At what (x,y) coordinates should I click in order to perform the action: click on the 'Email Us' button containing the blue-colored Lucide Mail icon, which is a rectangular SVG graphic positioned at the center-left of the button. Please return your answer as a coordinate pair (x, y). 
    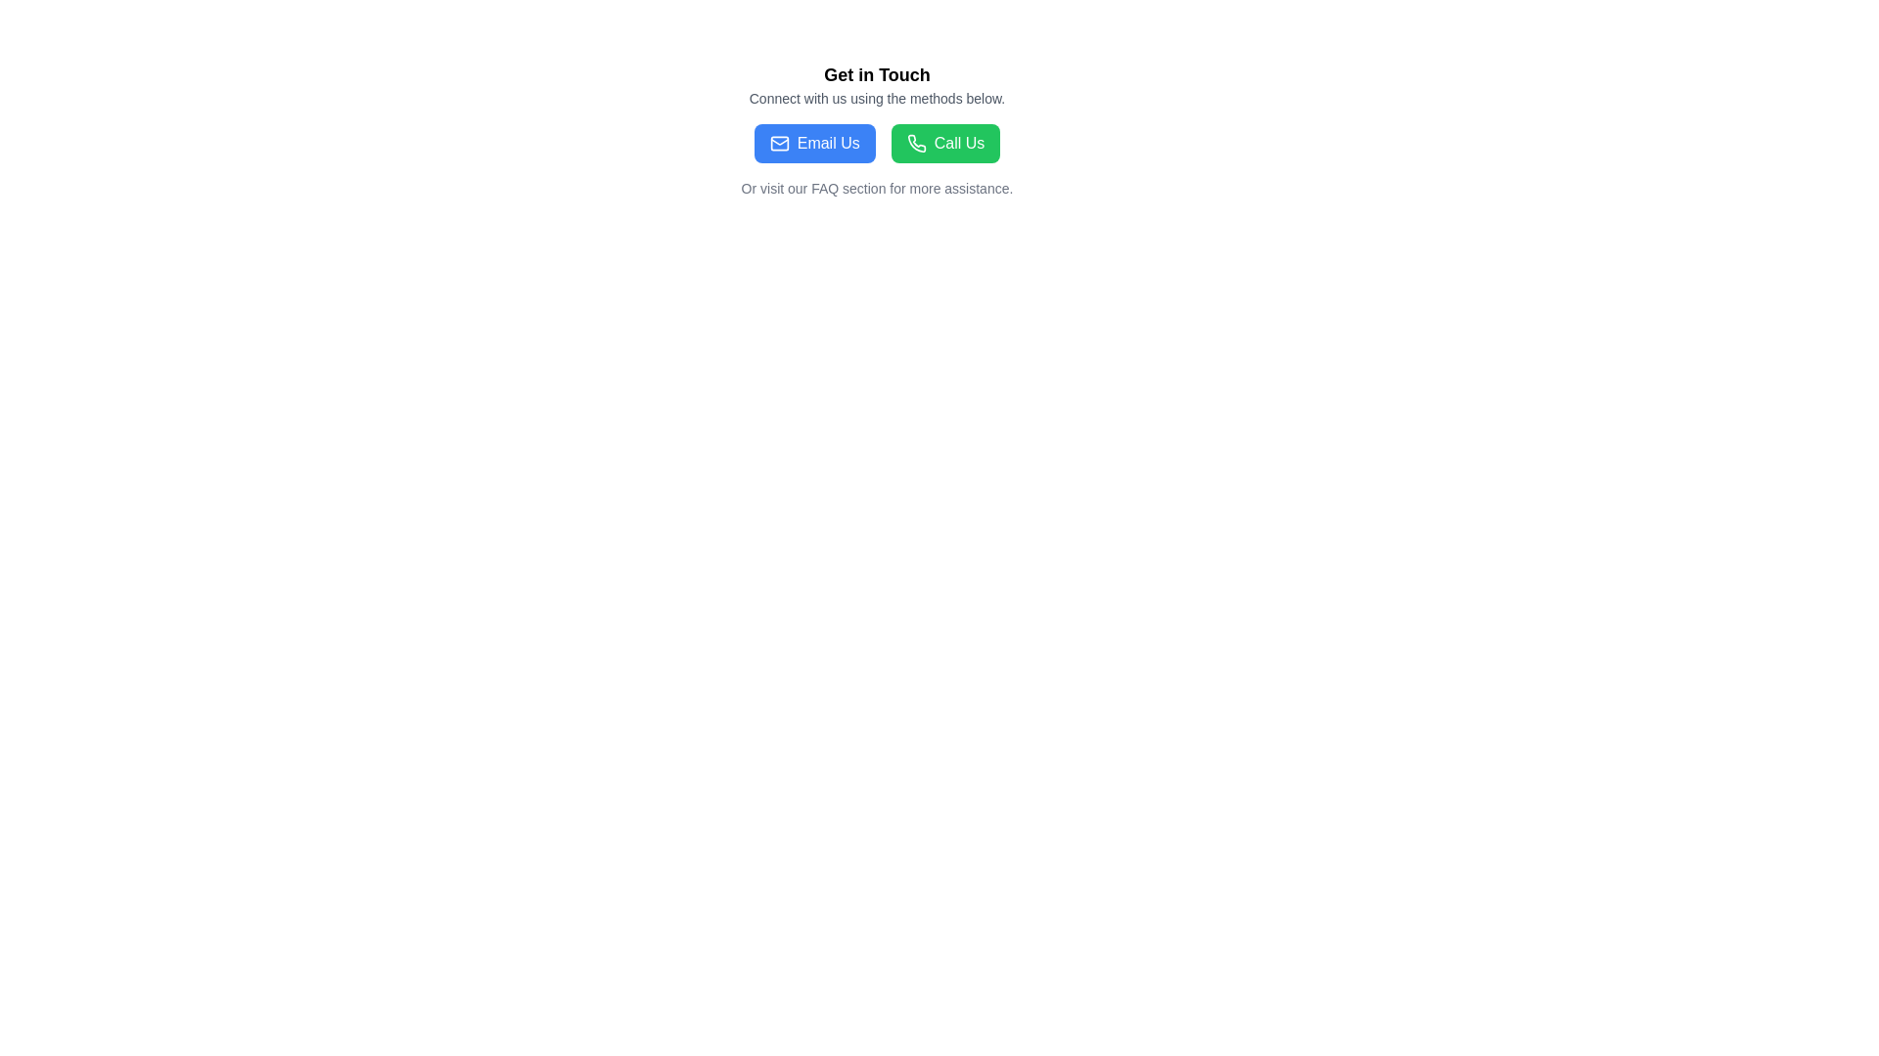
    Looking at the image, I should click on (778, 142).